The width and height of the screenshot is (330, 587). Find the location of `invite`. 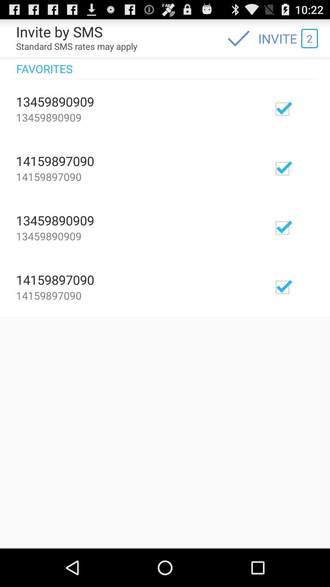

invite is located at coordinates (300, 109).